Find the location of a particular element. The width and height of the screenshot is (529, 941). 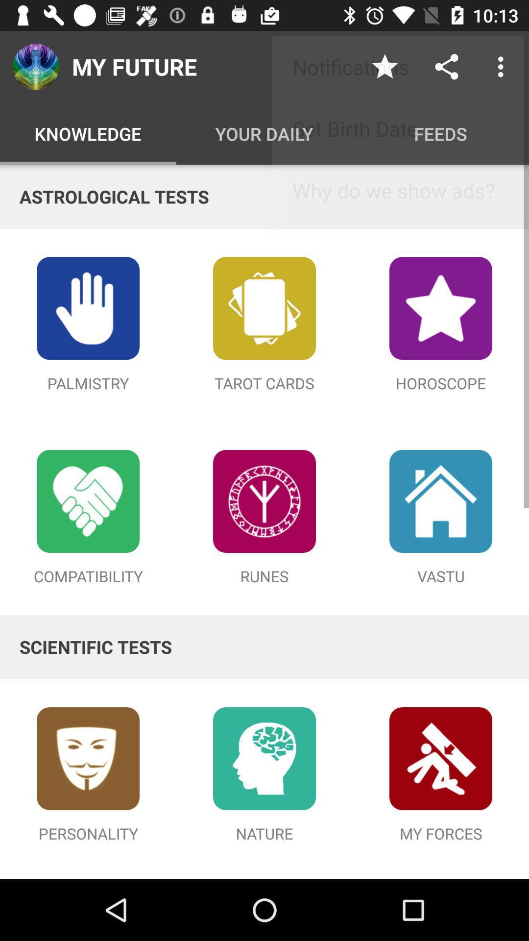

icon next to my future icon is located at coordinates (385, 66).